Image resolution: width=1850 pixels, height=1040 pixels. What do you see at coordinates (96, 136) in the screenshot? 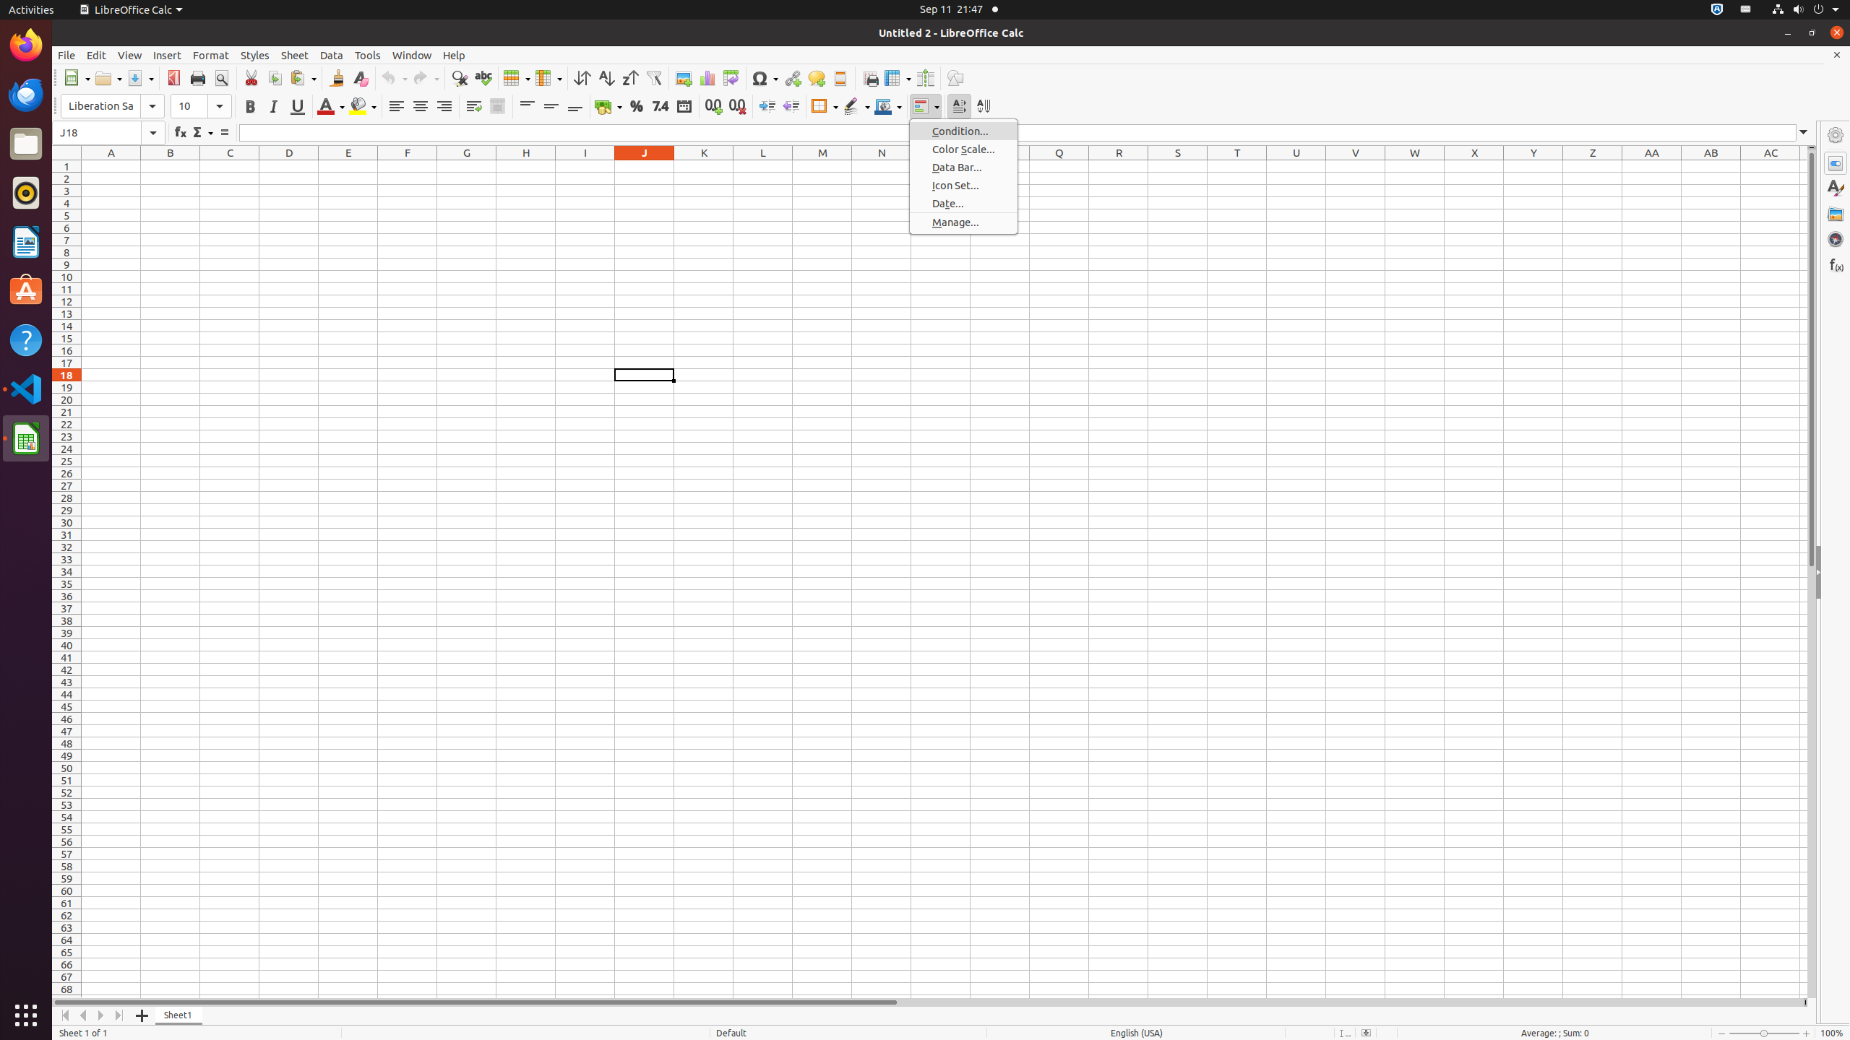
I see `'Trash'` at bounding box center [96, 136].